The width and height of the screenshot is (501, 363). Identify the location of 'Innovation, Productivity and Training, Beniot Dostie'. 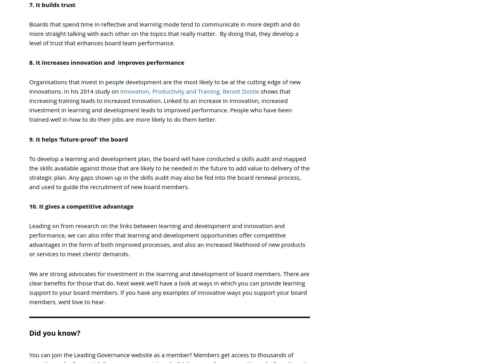
(189, 91).